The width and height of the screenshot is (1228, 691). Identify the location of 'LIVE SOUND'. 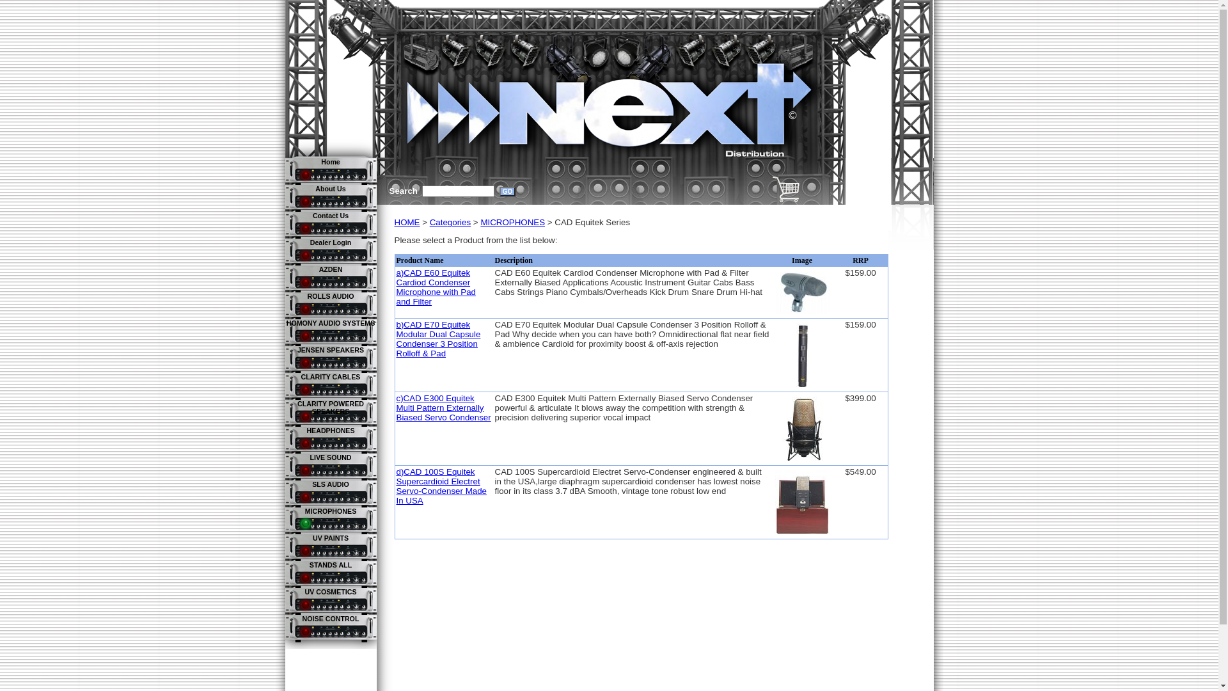
(330, 456).